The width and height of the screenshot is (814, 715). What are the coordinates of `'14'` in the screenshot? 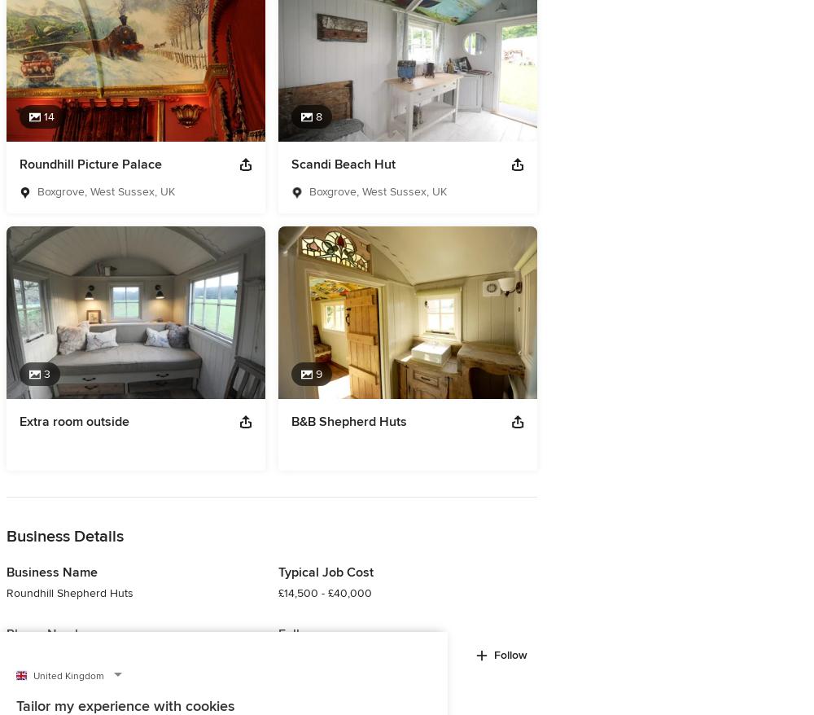 It's located at (49, 116).